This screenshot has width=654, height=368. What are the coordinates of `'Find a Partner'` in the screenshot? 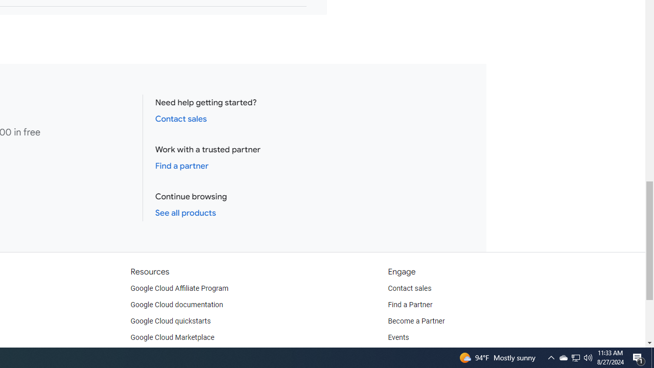 It's located at (410, 304).